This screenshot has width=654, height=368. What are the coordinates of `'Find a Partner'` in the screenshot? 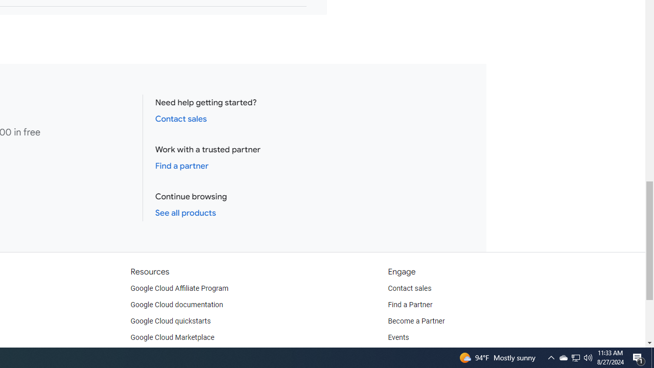 It's located at (410, 304).